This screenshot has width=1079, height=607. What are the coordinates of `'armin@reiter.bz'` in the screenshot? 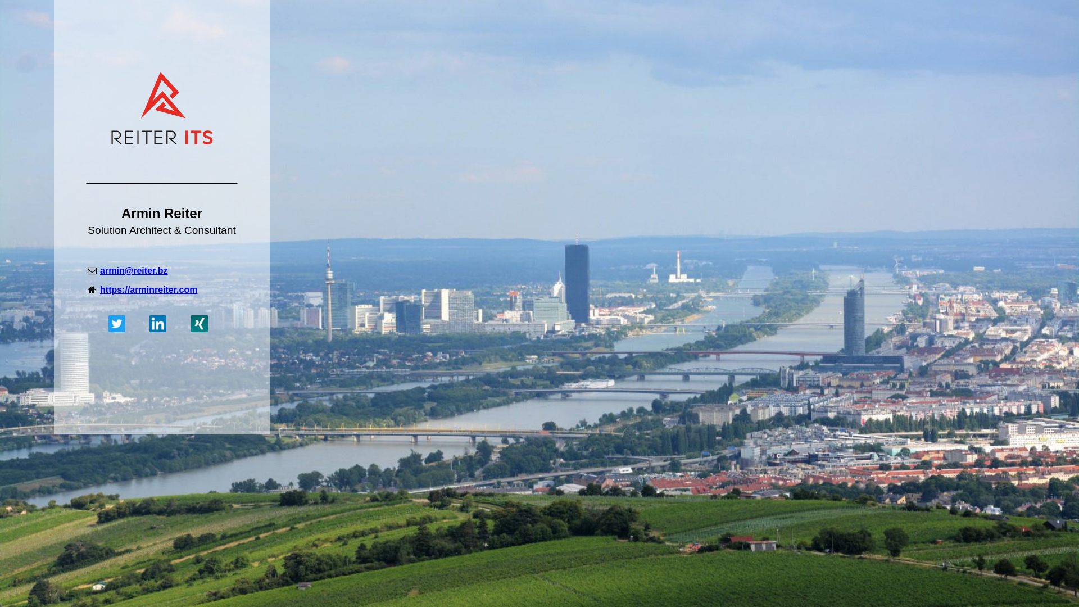 It's located at (134, 270).